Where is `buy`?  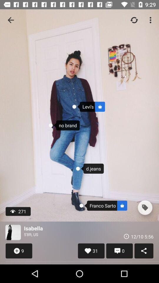
buy is located at coordinates (145, 208).